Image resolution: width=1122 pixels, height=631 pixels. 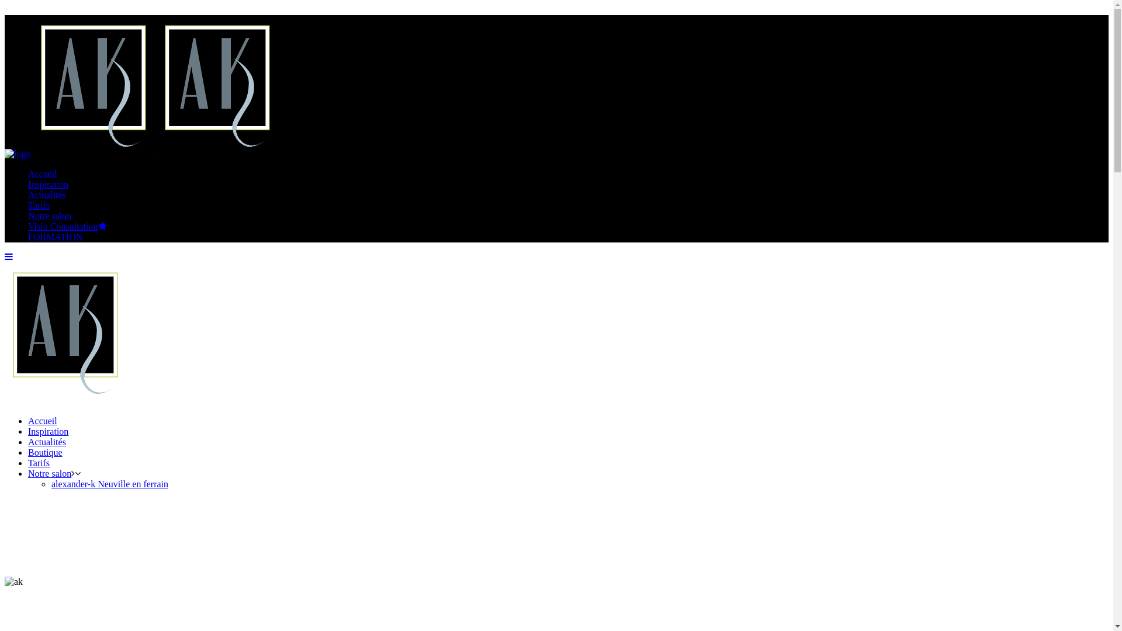 What do you see at coordinates (67, 226) in the screenshot?
I see `'Visio Consultation'` at bounding box center [67, 226].